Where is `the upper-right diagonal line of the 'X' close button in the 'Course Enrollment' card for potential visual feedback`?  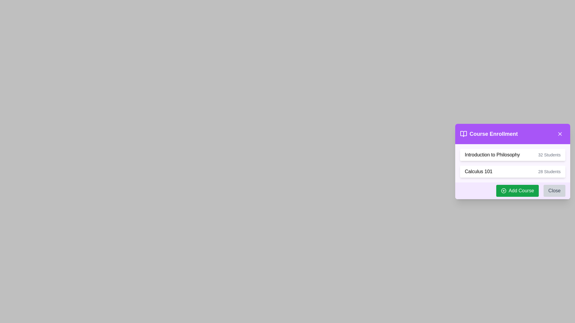 the upper-right diagonal line of the 'X' close button in the 'Course Enrollment' card for potential visual feedback is located at coordinates (560, 133).